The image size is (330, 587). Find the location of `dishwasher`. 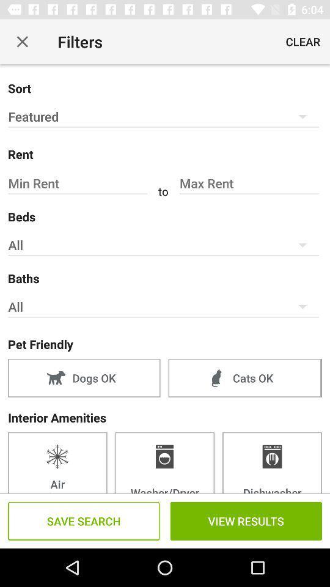

dishwasher is located at coordinates (272, 462).